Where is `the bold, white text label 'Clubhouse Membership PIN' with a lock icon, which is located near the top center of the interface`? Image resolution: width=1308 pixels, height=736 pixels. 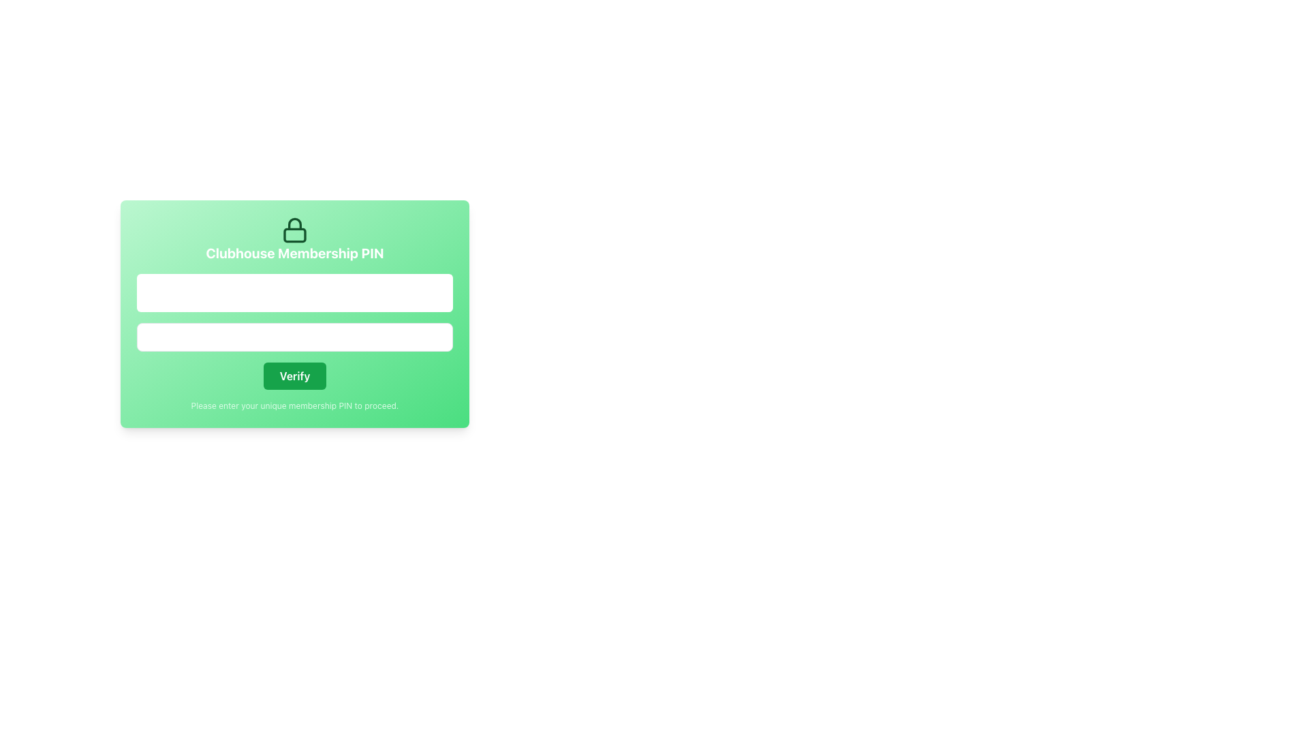 the bold, white text label 'Clubhouse Membership PIN' with a lock icon, which is located near the top center of the interface is located at coordinates (294, 239).